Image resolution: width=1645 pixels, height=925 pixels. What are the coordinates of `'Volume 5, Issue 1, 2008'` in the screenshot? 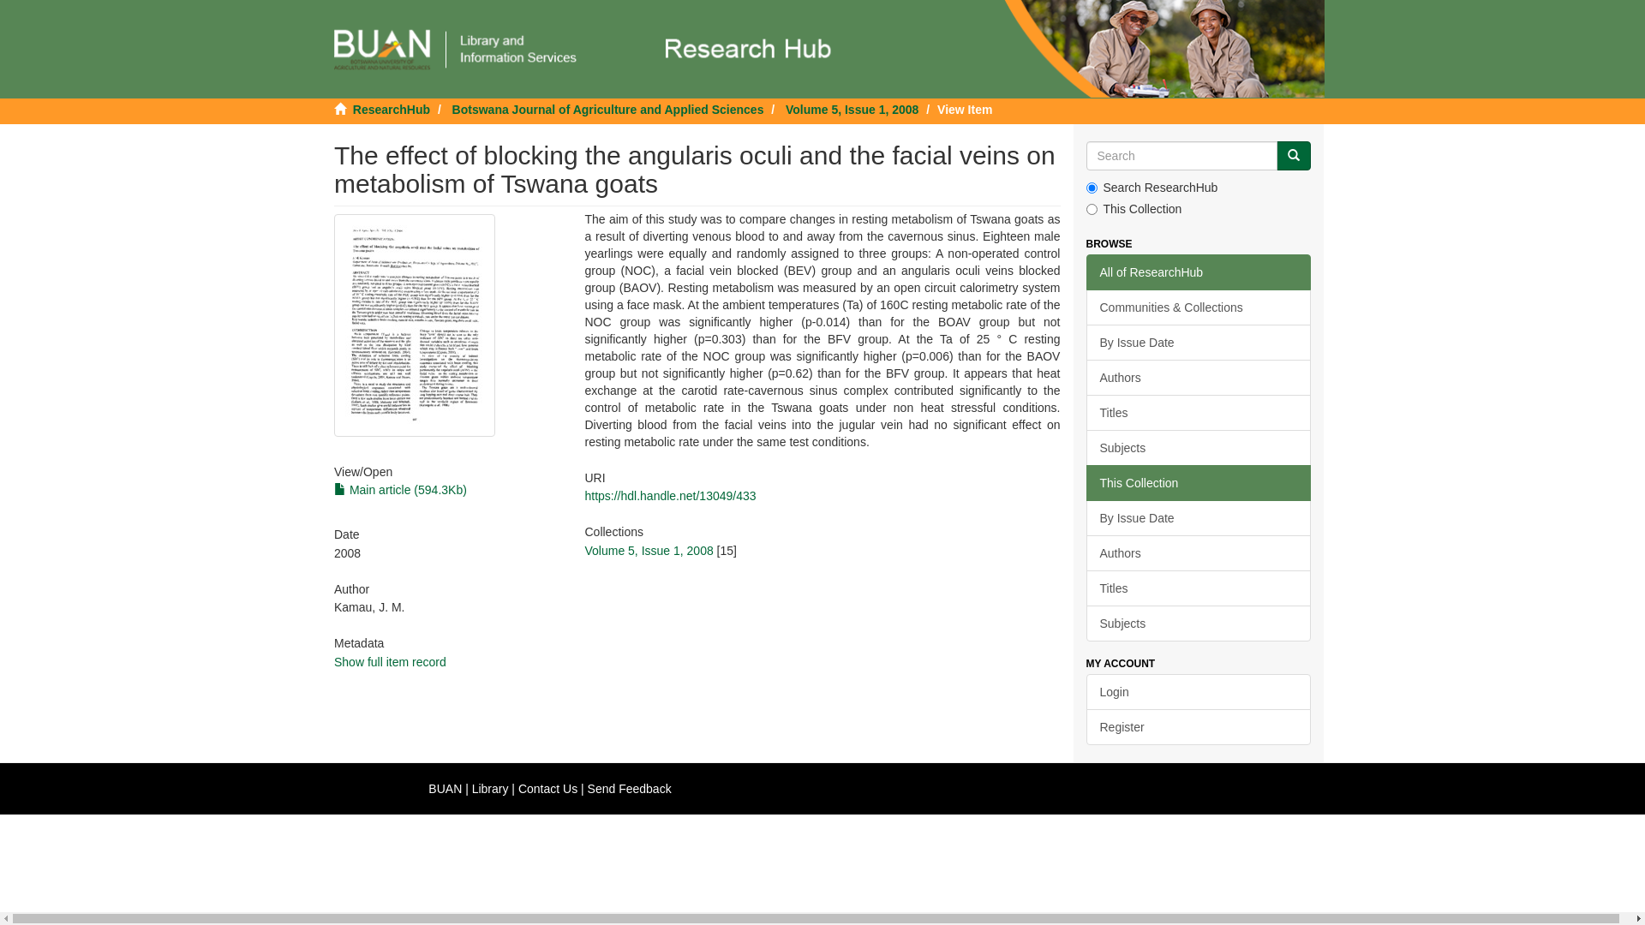 It's located at (852, 109).